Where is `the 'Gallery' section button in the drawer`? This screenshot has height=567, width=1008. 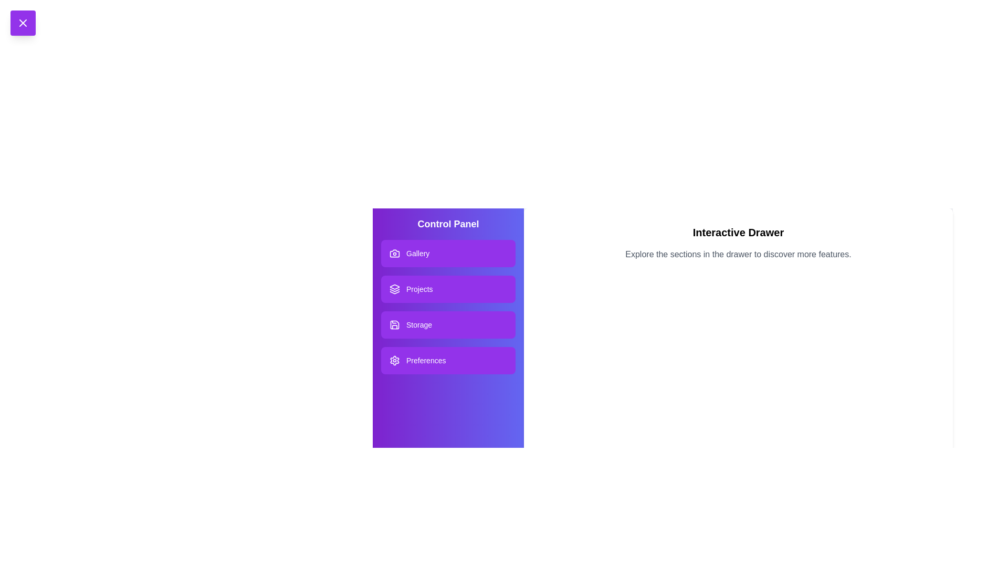 the 'Gallery' section button in the drawer is located at coordinates (448, 253).